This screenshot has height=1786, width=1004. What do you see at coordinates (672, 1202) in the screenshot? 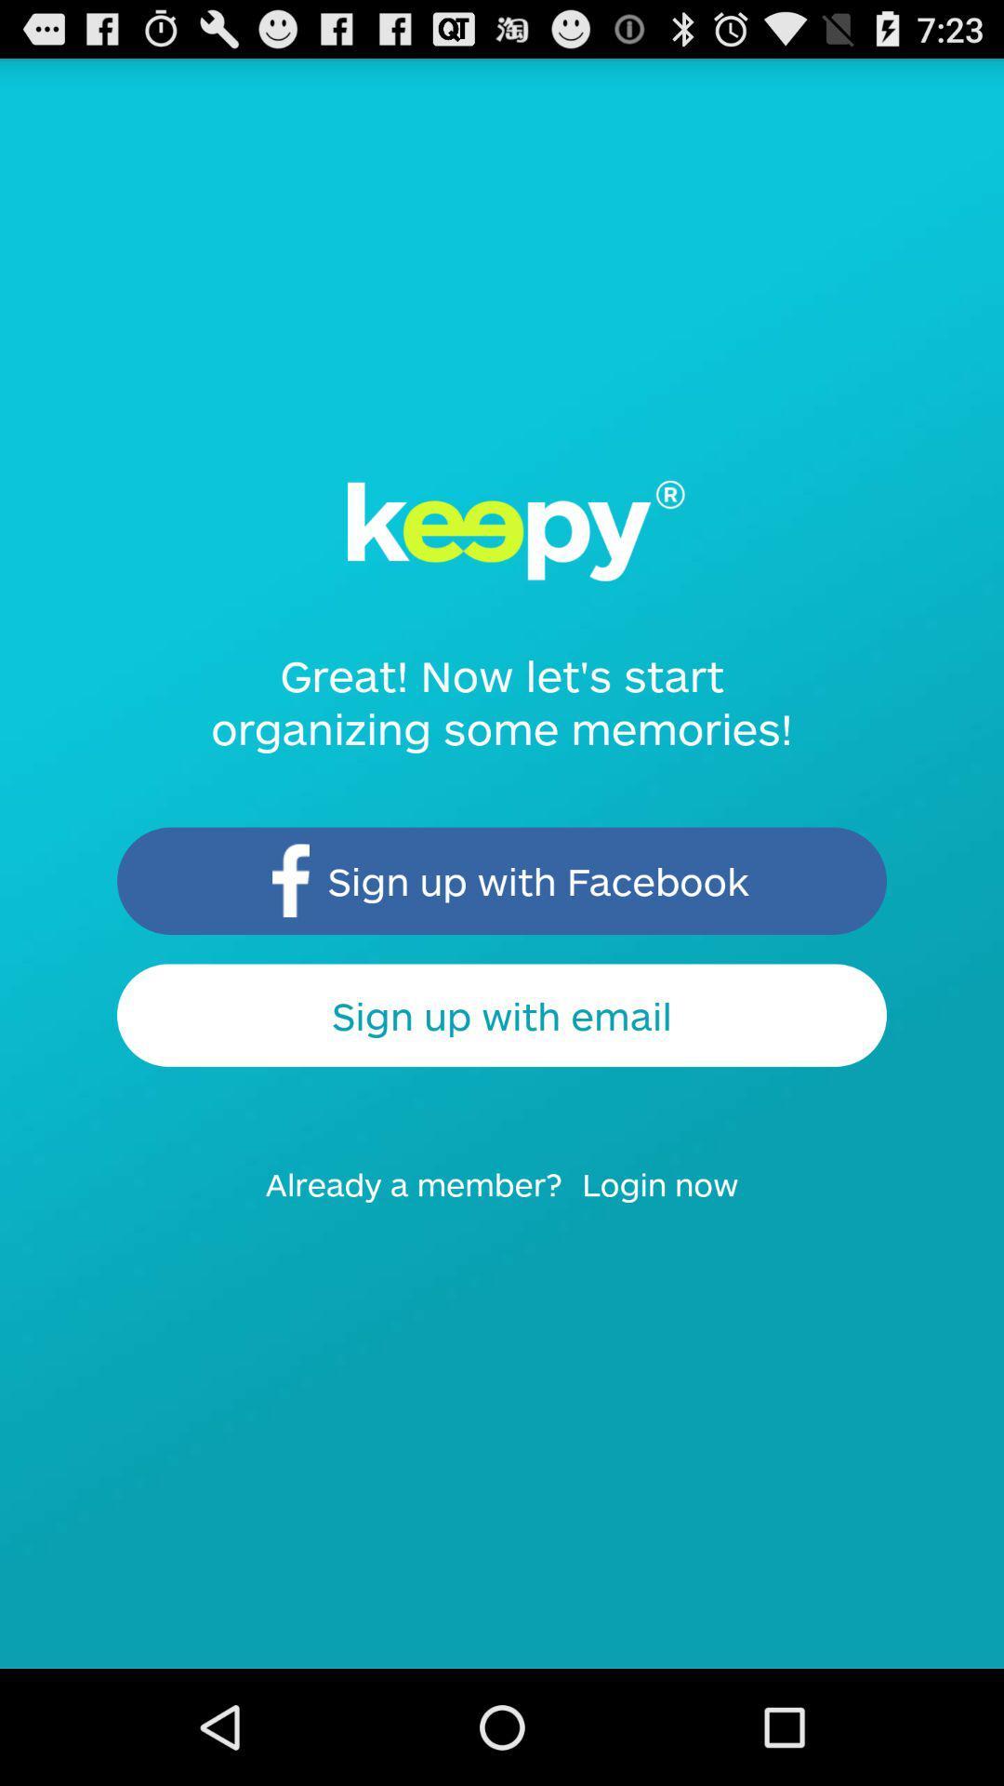
I see `button below the sign up with button` at bounding box center [672, 1202].